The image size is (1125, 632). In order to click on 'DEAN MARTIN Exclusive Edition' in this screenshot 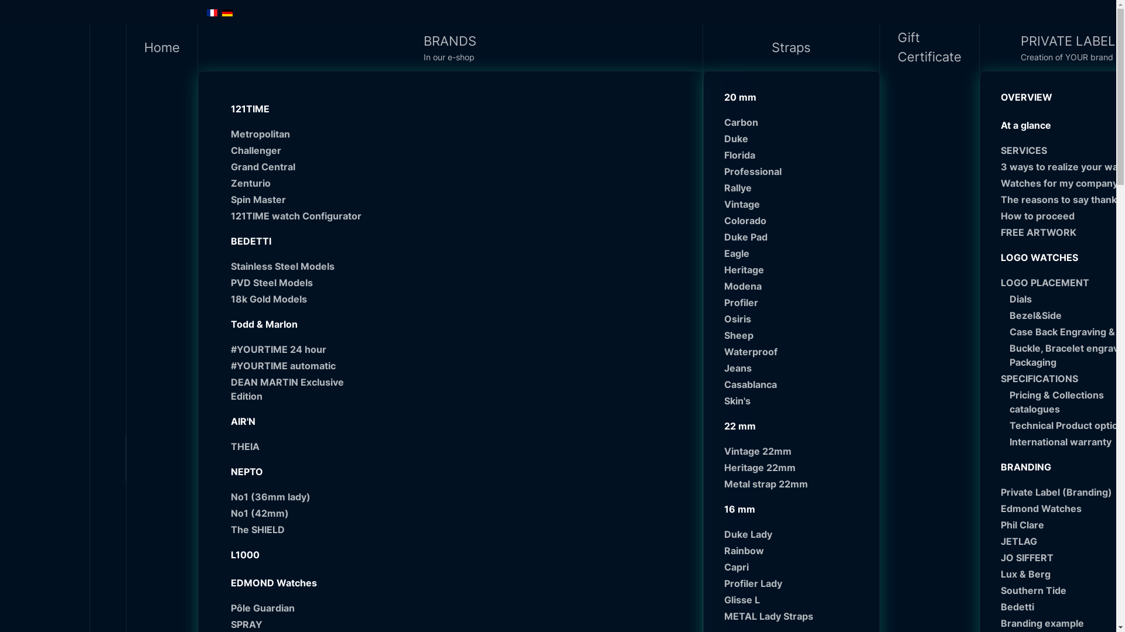, I will do `click(296, 389)`.